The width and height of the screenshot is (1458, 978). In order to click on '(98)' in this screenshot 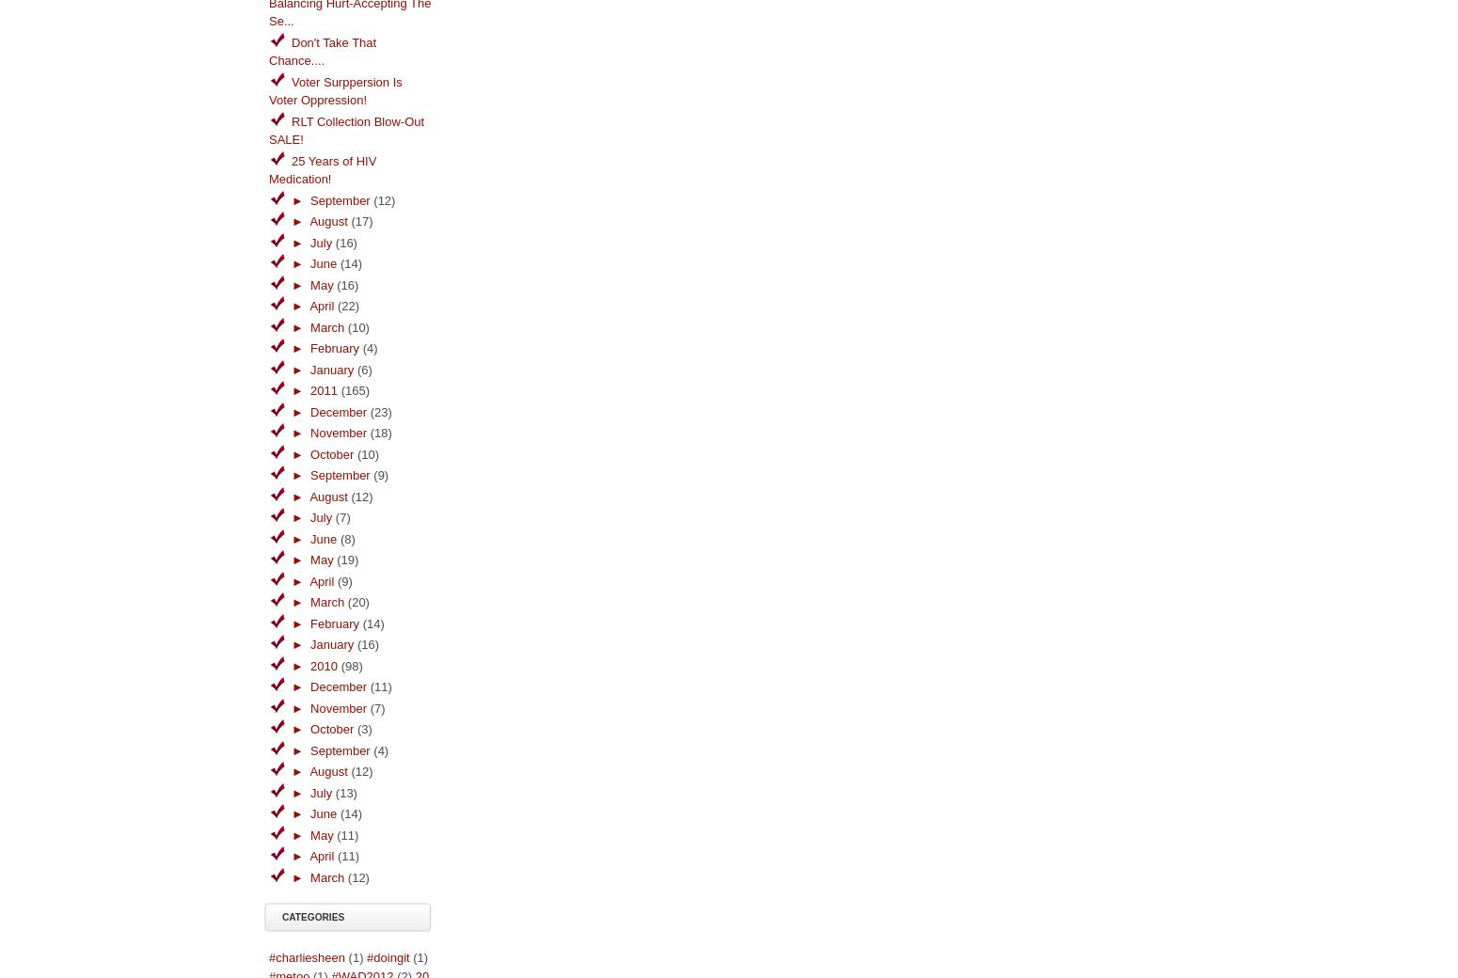, I will do `click(339, 665)`.